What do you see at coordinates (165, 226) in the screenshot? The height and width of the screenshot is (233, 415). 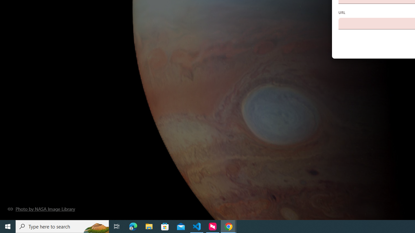 I see `'Microsoft Store'` at bounding box center [165, 226].